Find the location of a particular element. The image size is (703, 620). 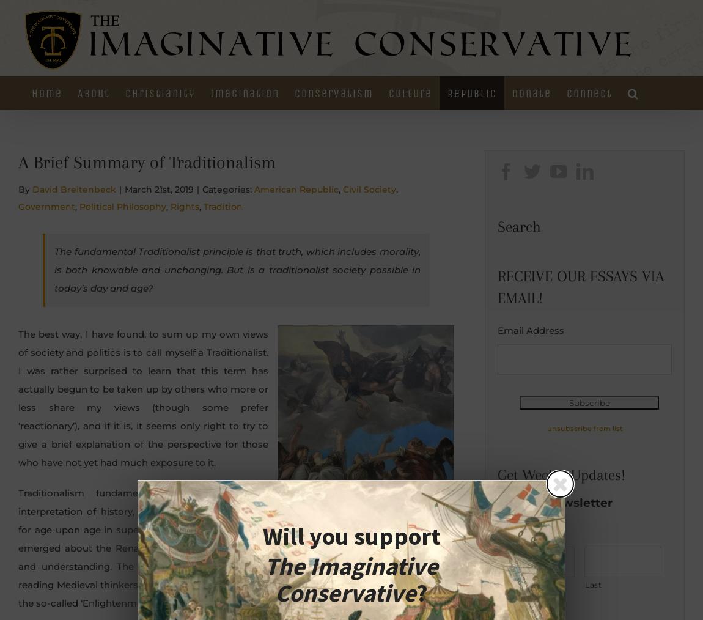

'Search' is located at coordinates (496, 226).